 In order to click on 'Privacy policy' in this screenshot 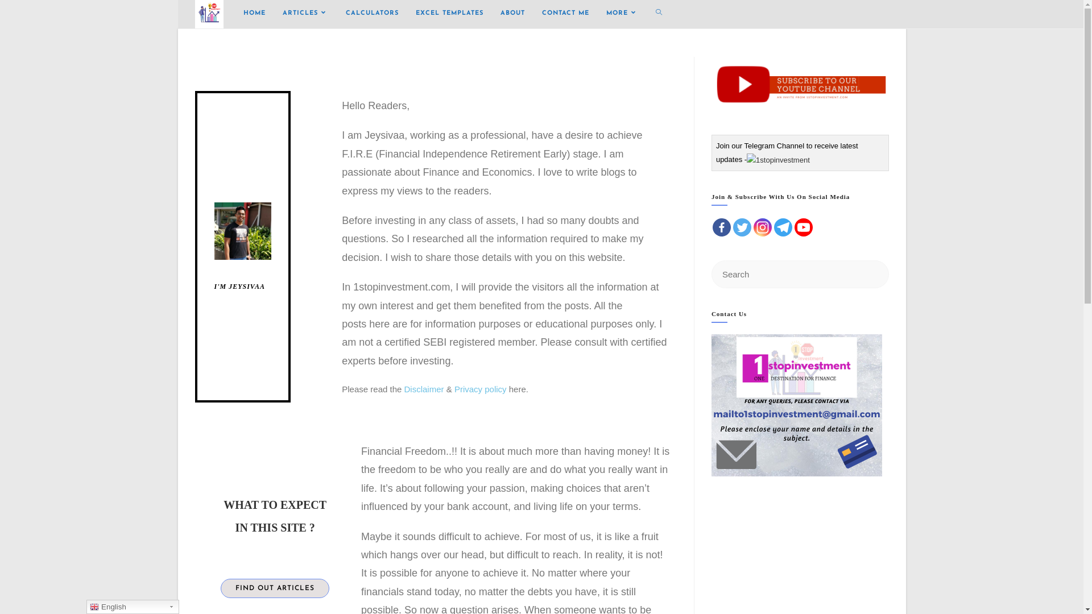, I will do `click(480, 388)`.